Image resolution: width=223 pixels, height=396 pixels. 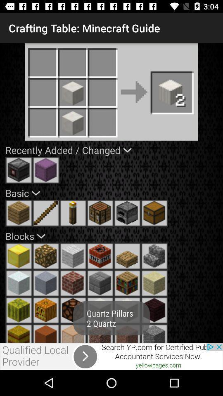 I want to click on the star icon, so click(x=100, y=333).